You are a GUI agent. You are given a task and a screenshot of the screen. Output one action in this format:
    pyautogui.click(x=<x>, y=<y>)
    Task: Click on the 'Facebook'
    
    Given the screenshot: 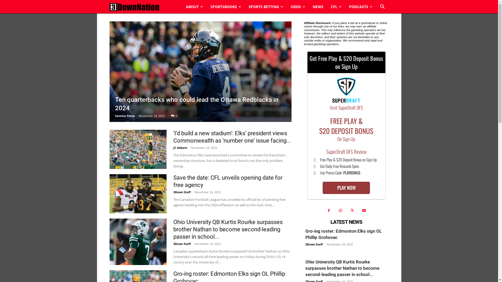 What is the action you would take?
    pyautogui.click(x=328, y=210)
    